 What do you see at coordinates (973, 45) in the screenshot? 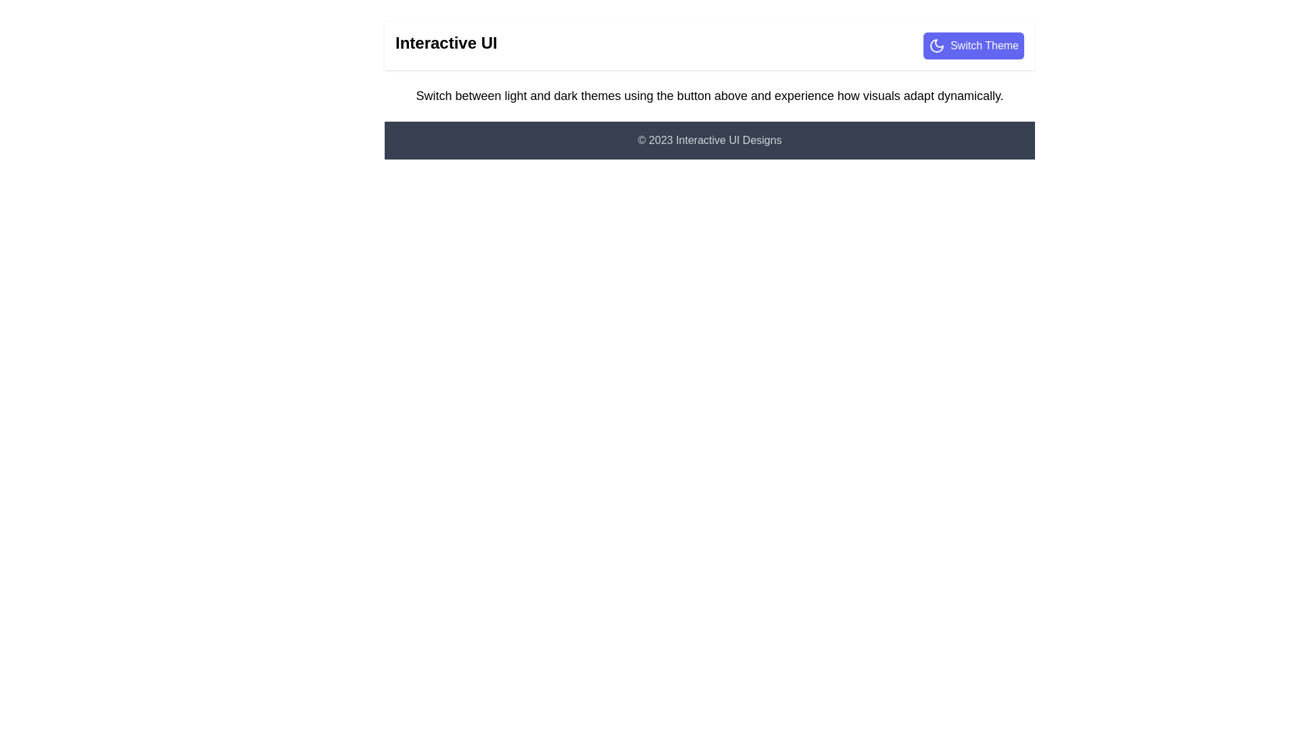
I see `the 'Switch Theme' button with a purple background and a crescent moon icon` at bounding box center [973, 45].